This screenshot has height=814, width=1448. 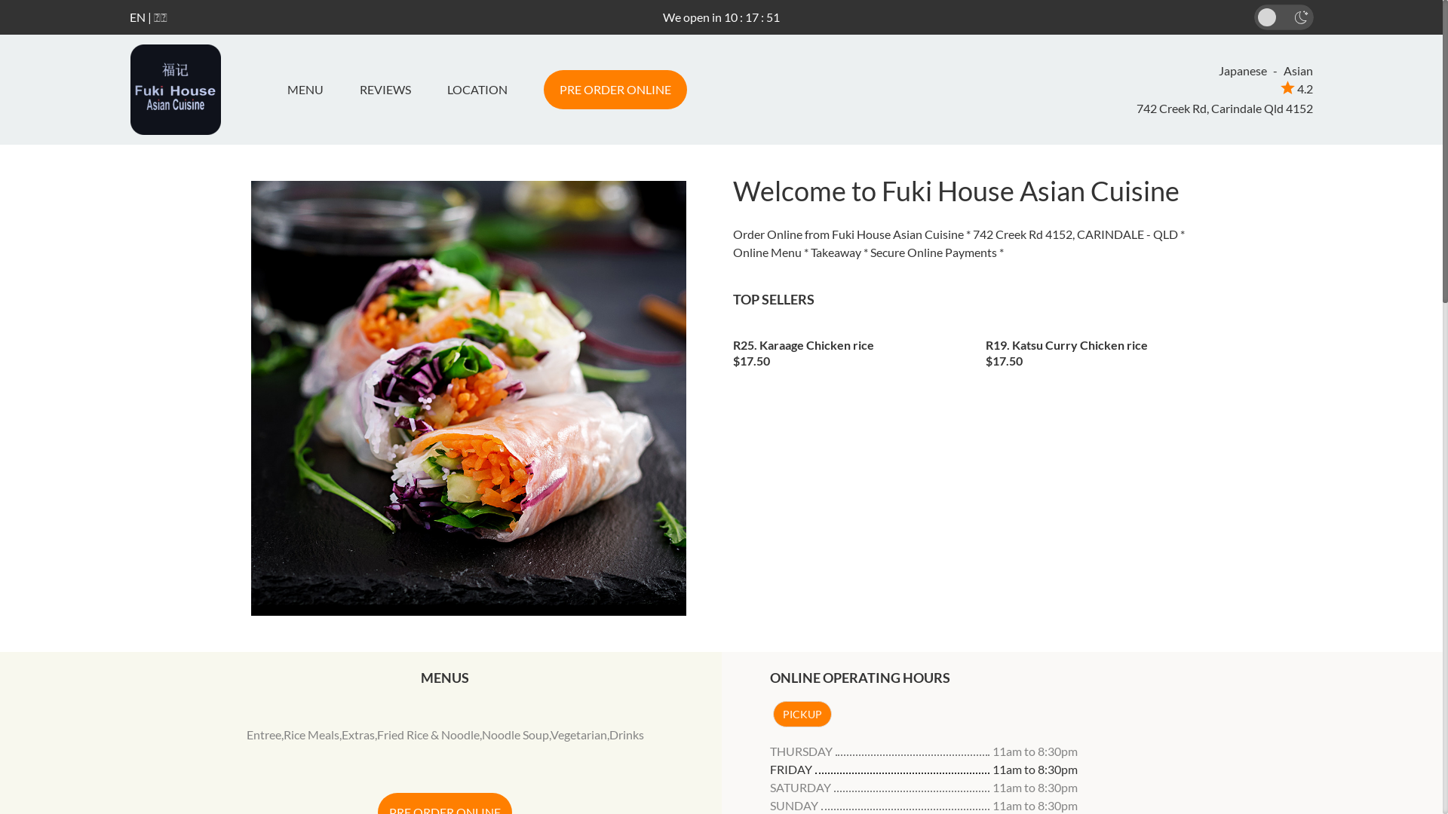 I want to click on 'LOCATION', so click(x=476, y=90).